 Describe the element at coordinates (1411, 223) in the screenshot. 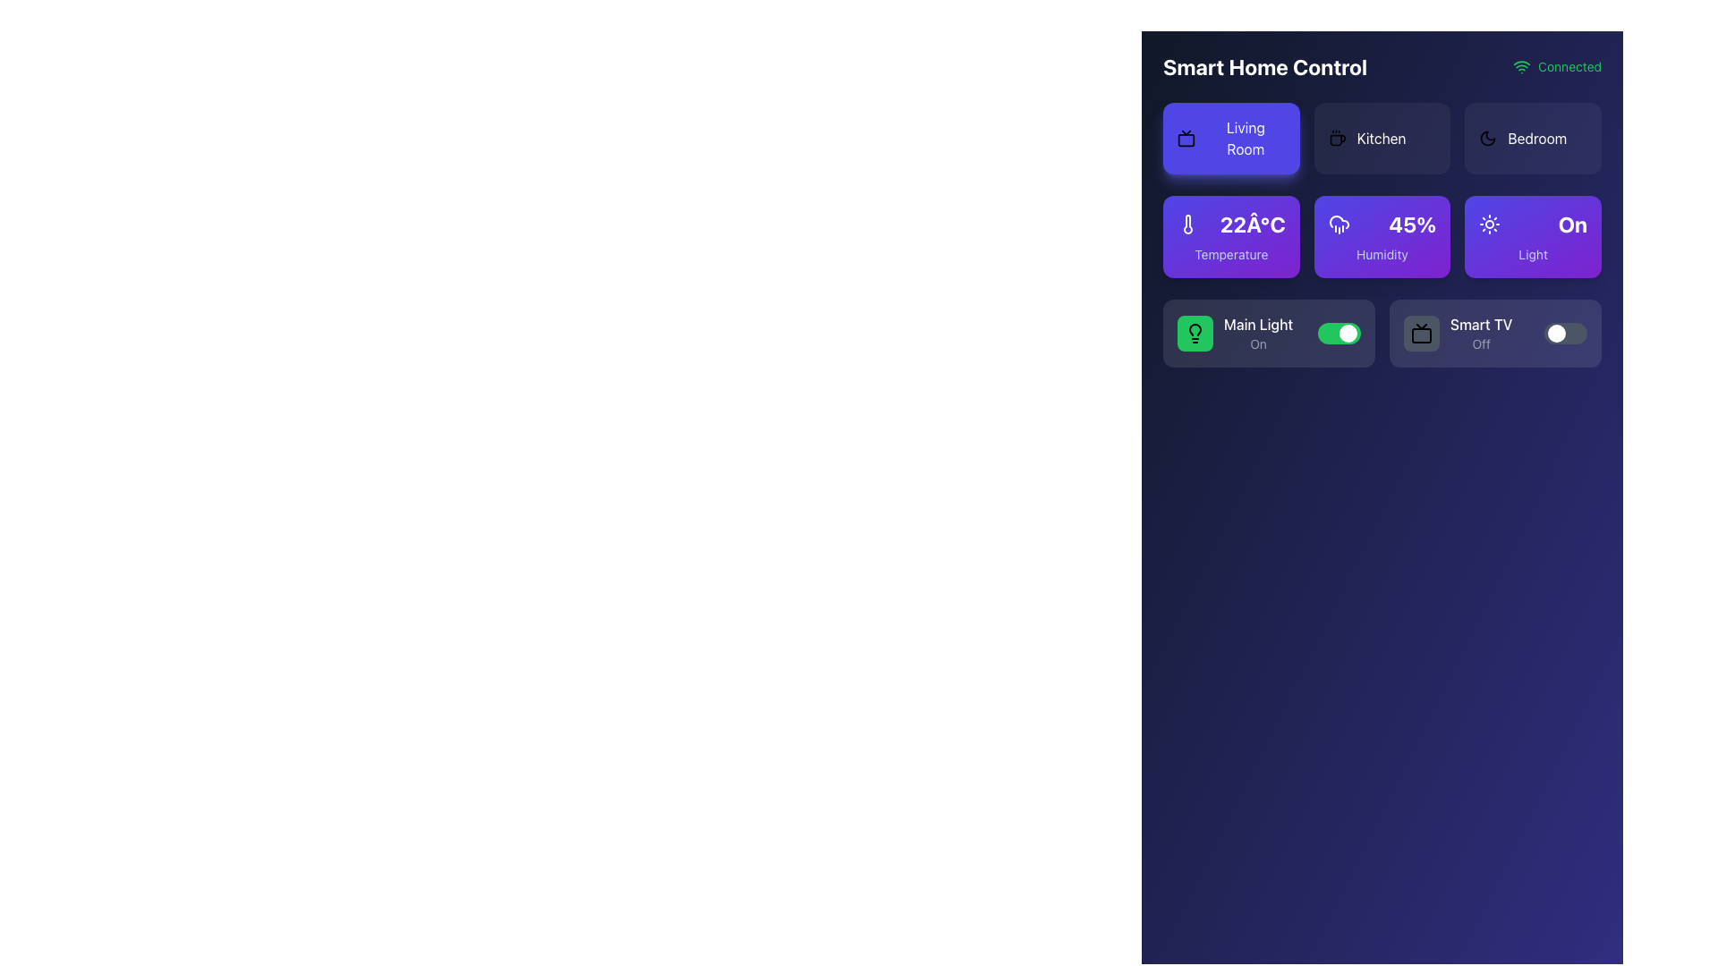

I see `the text label displaying '45%' in bold white font on a purple background, located in the 'Humidity' card` at that location.